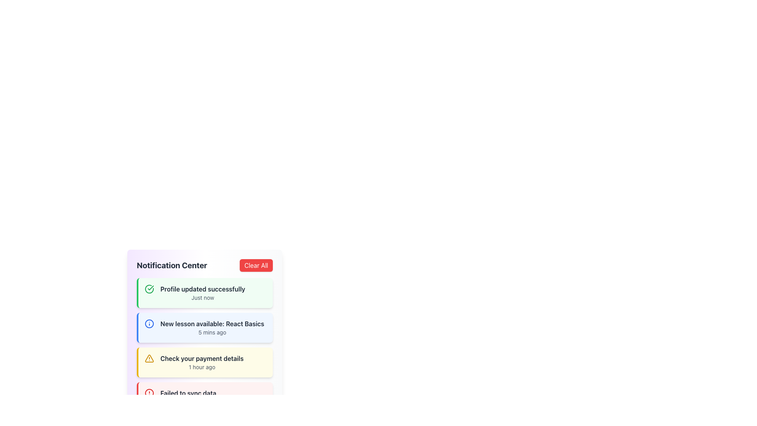  What do you see at coordinates (212, 324) in the screenshot?
I see `the text element stating 'New lesson available: React Basics' located in the second notification slot of the Notification Center` at bounding box center [212, 324].